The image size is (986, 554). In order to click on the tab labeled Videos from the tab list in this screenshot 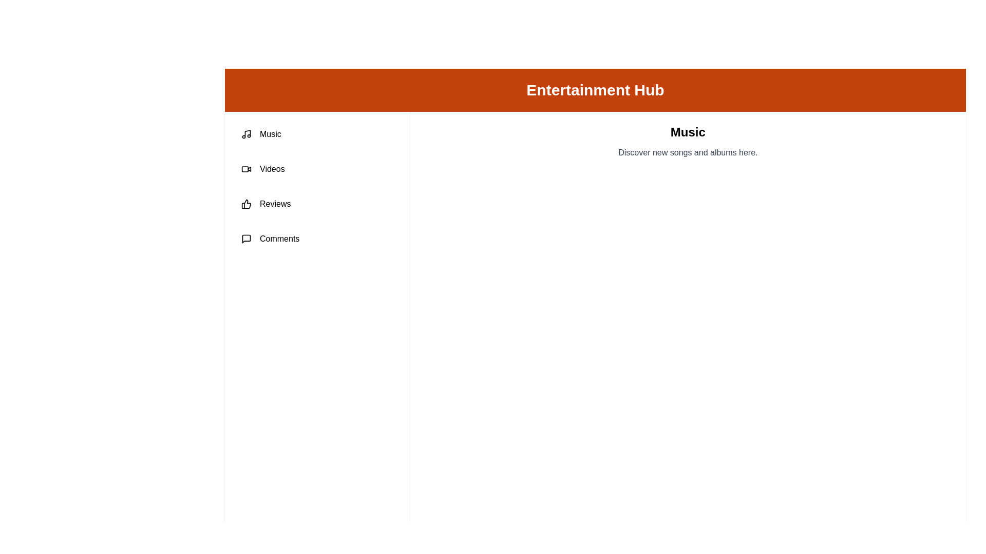, I will do `click(317, 169)`.